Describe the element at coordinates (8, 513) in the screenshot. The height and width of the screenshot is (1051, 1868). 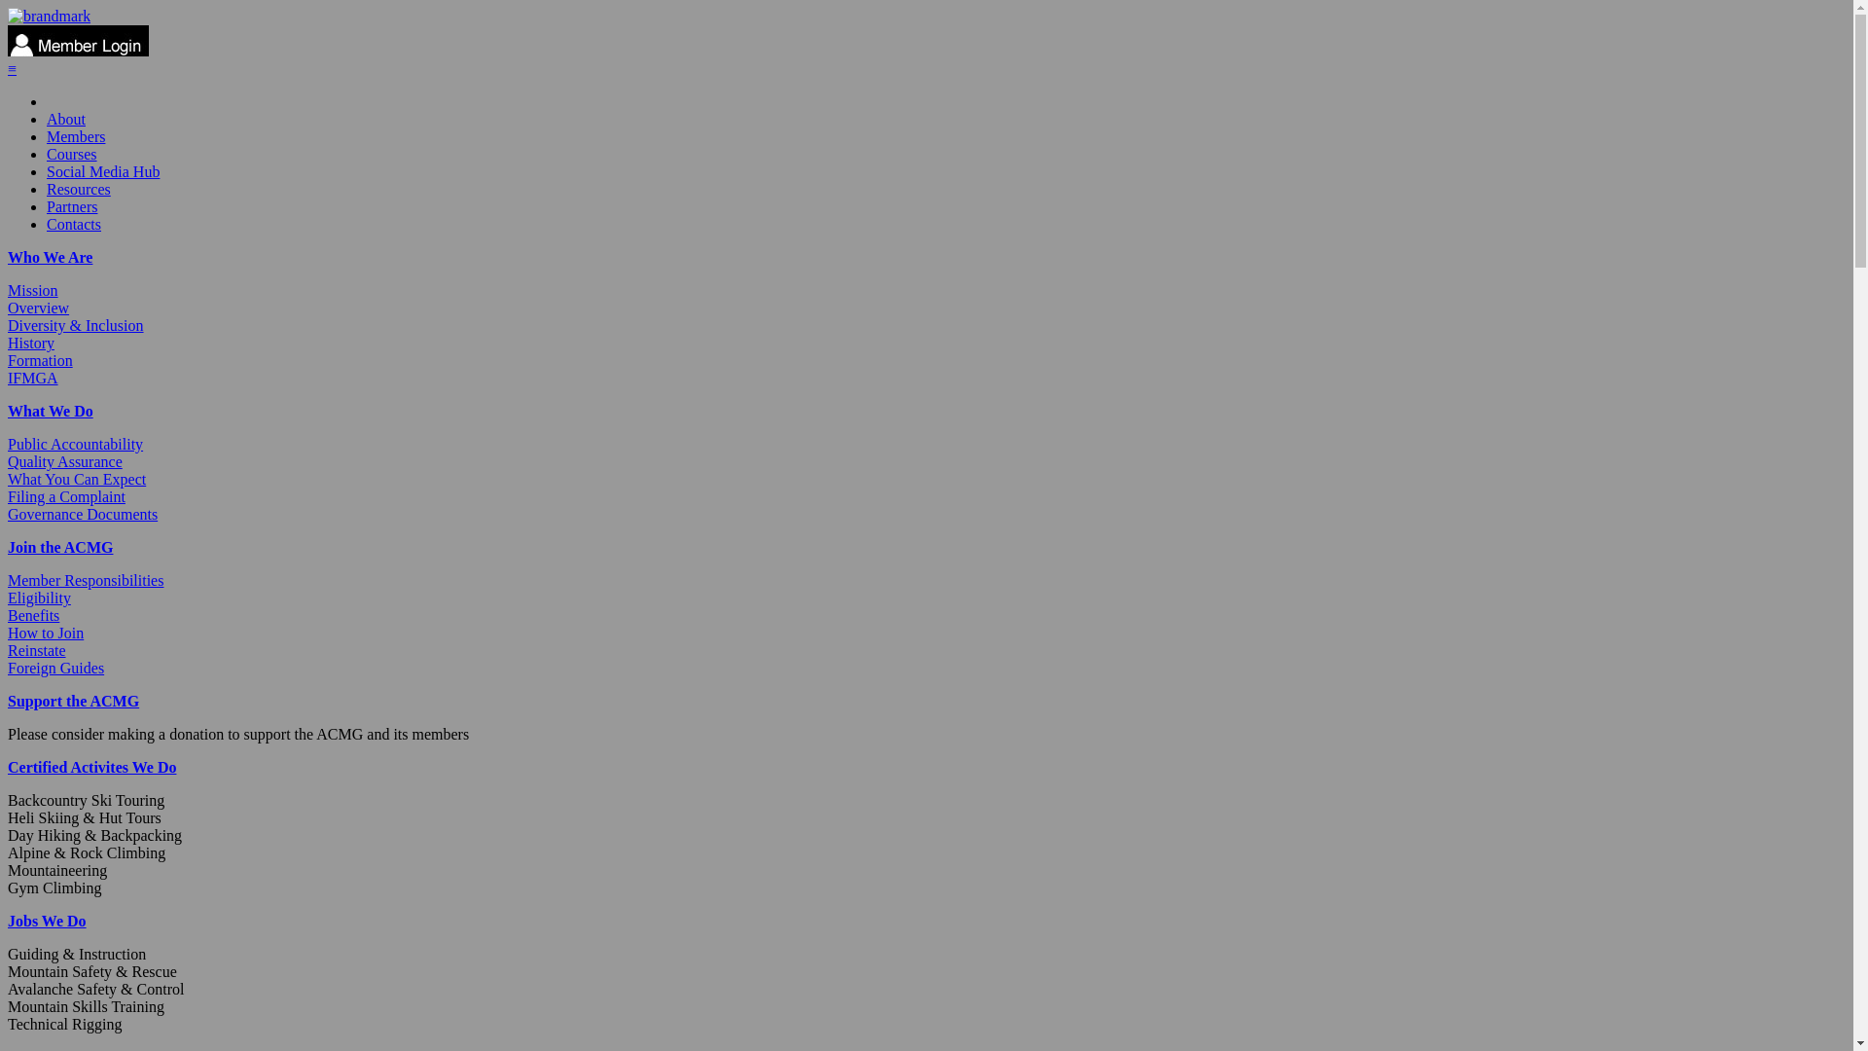
I see `'Governance Documents'` at that location.